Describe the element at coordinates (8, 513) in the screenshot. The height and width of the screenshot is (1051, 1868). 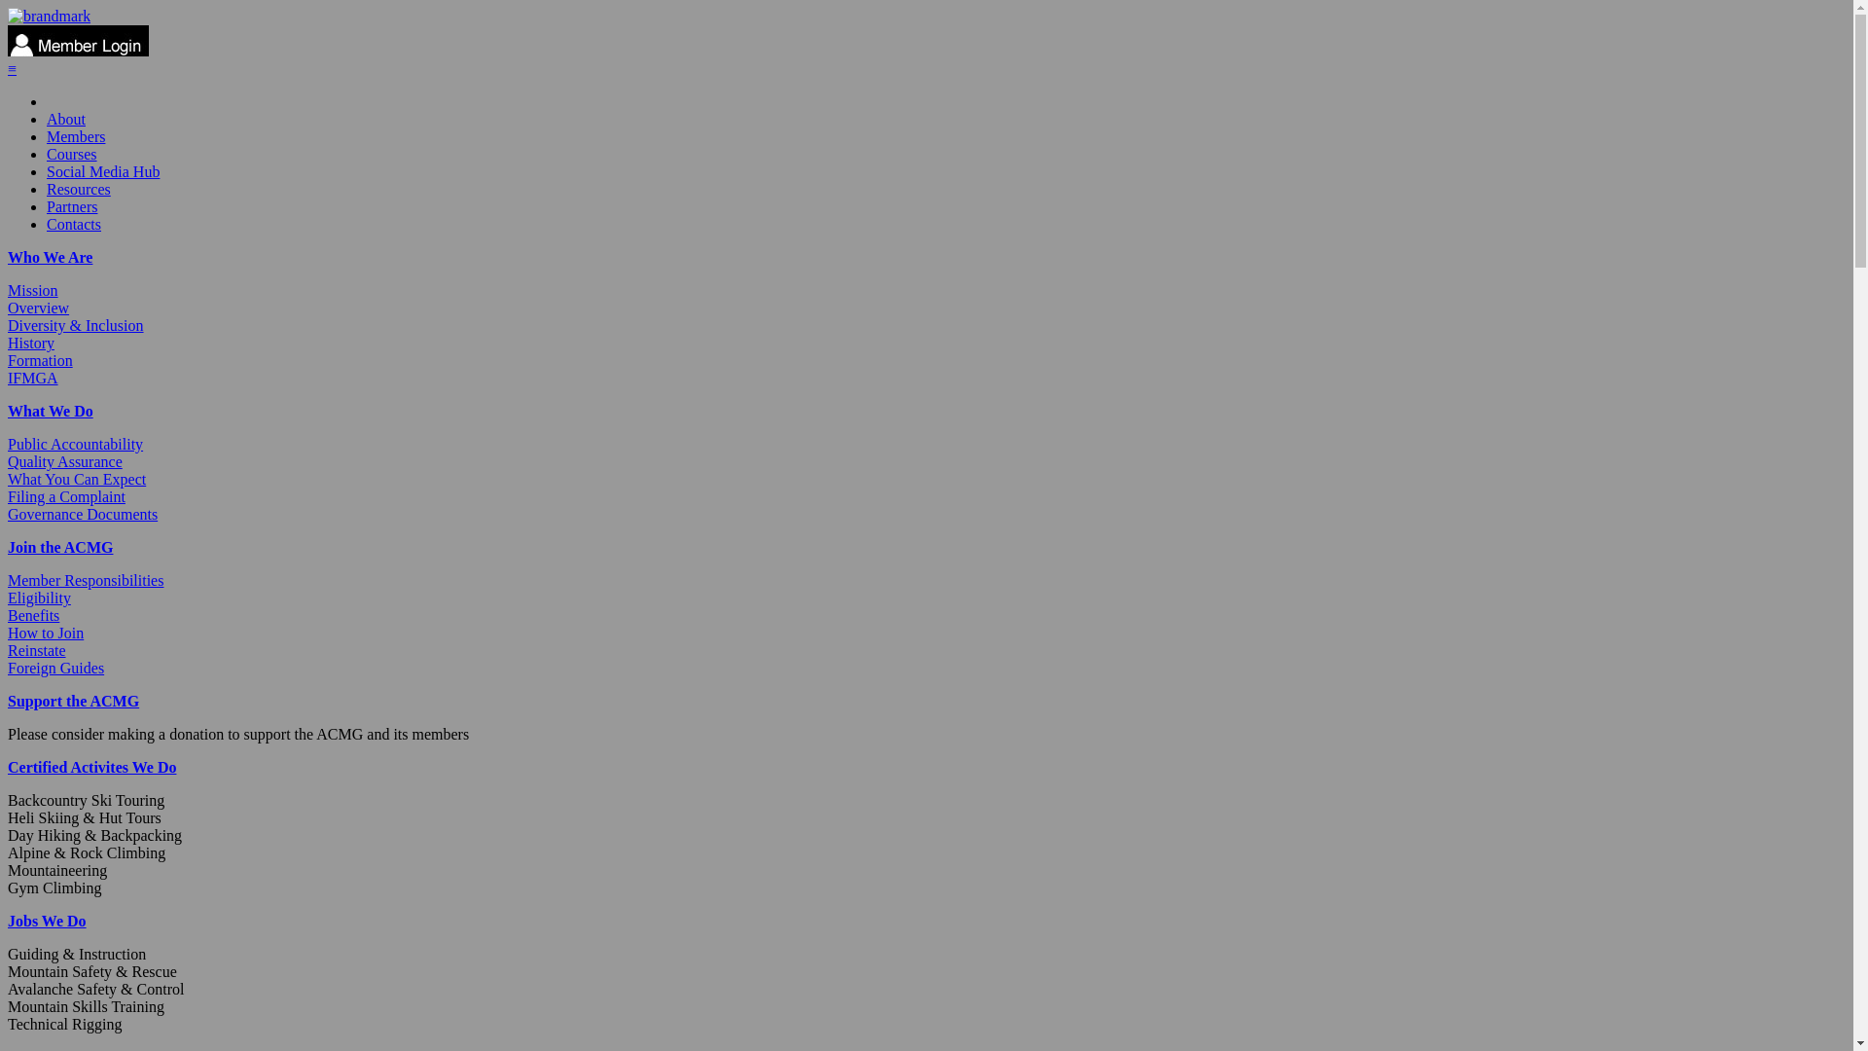
I see `'Governance Documents'` at that location.